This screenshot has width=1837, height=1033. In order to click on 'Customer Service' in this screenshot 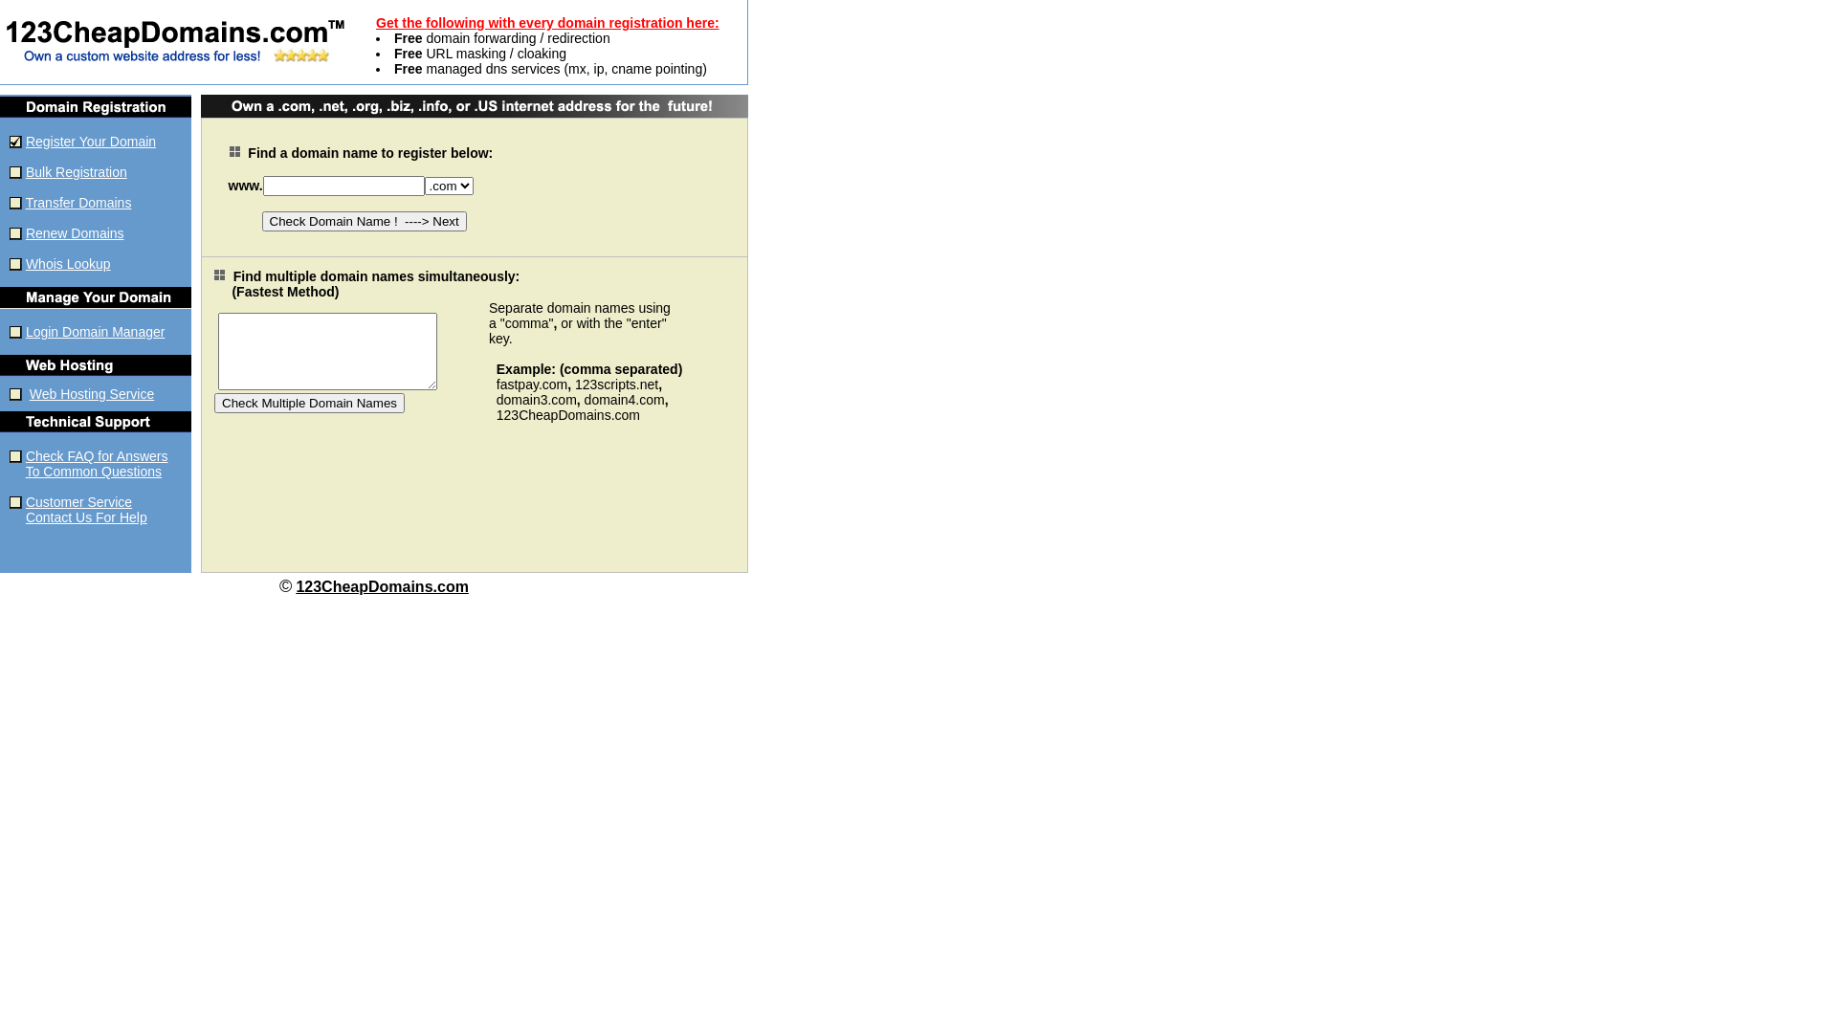, I will do `click(77, 500)`.